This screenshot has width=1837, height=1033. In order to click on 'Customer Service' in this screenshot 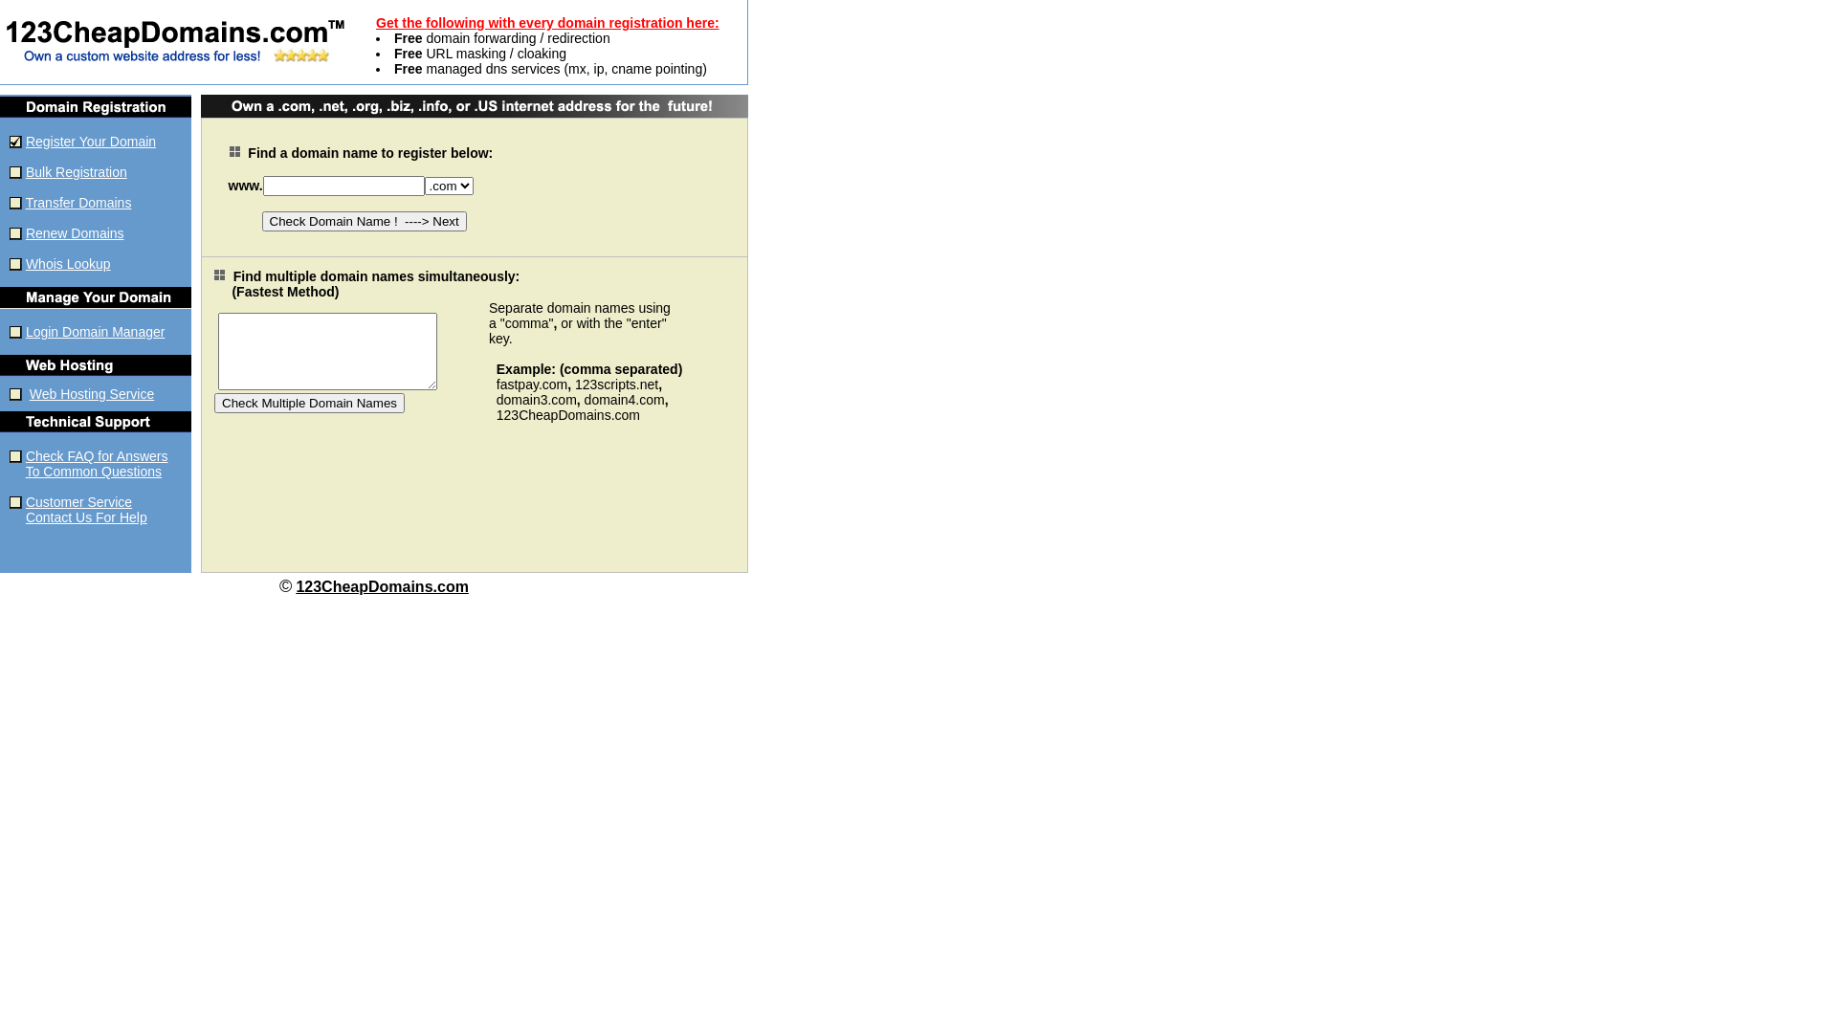, I will do `click(77, 500)`.